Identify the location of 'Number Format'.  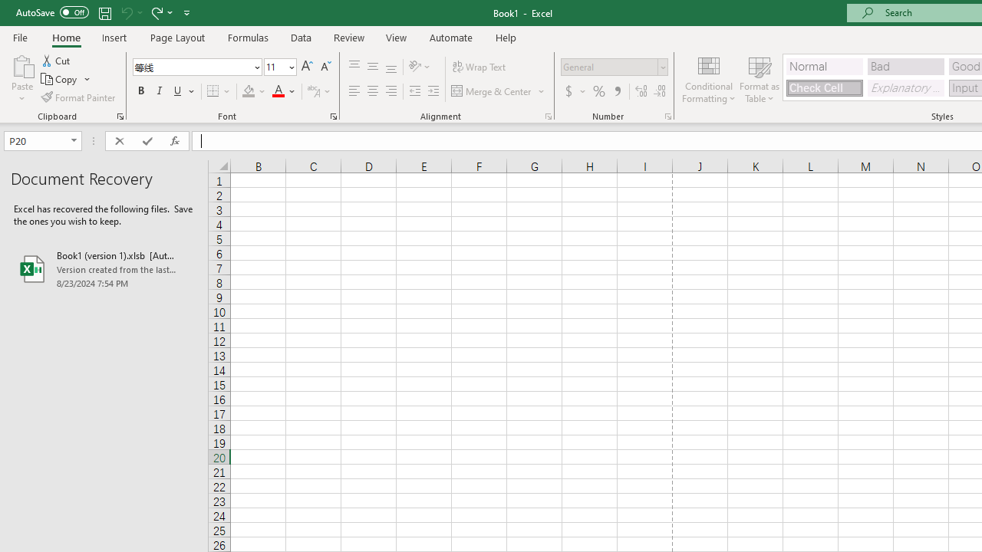
(614, 66).